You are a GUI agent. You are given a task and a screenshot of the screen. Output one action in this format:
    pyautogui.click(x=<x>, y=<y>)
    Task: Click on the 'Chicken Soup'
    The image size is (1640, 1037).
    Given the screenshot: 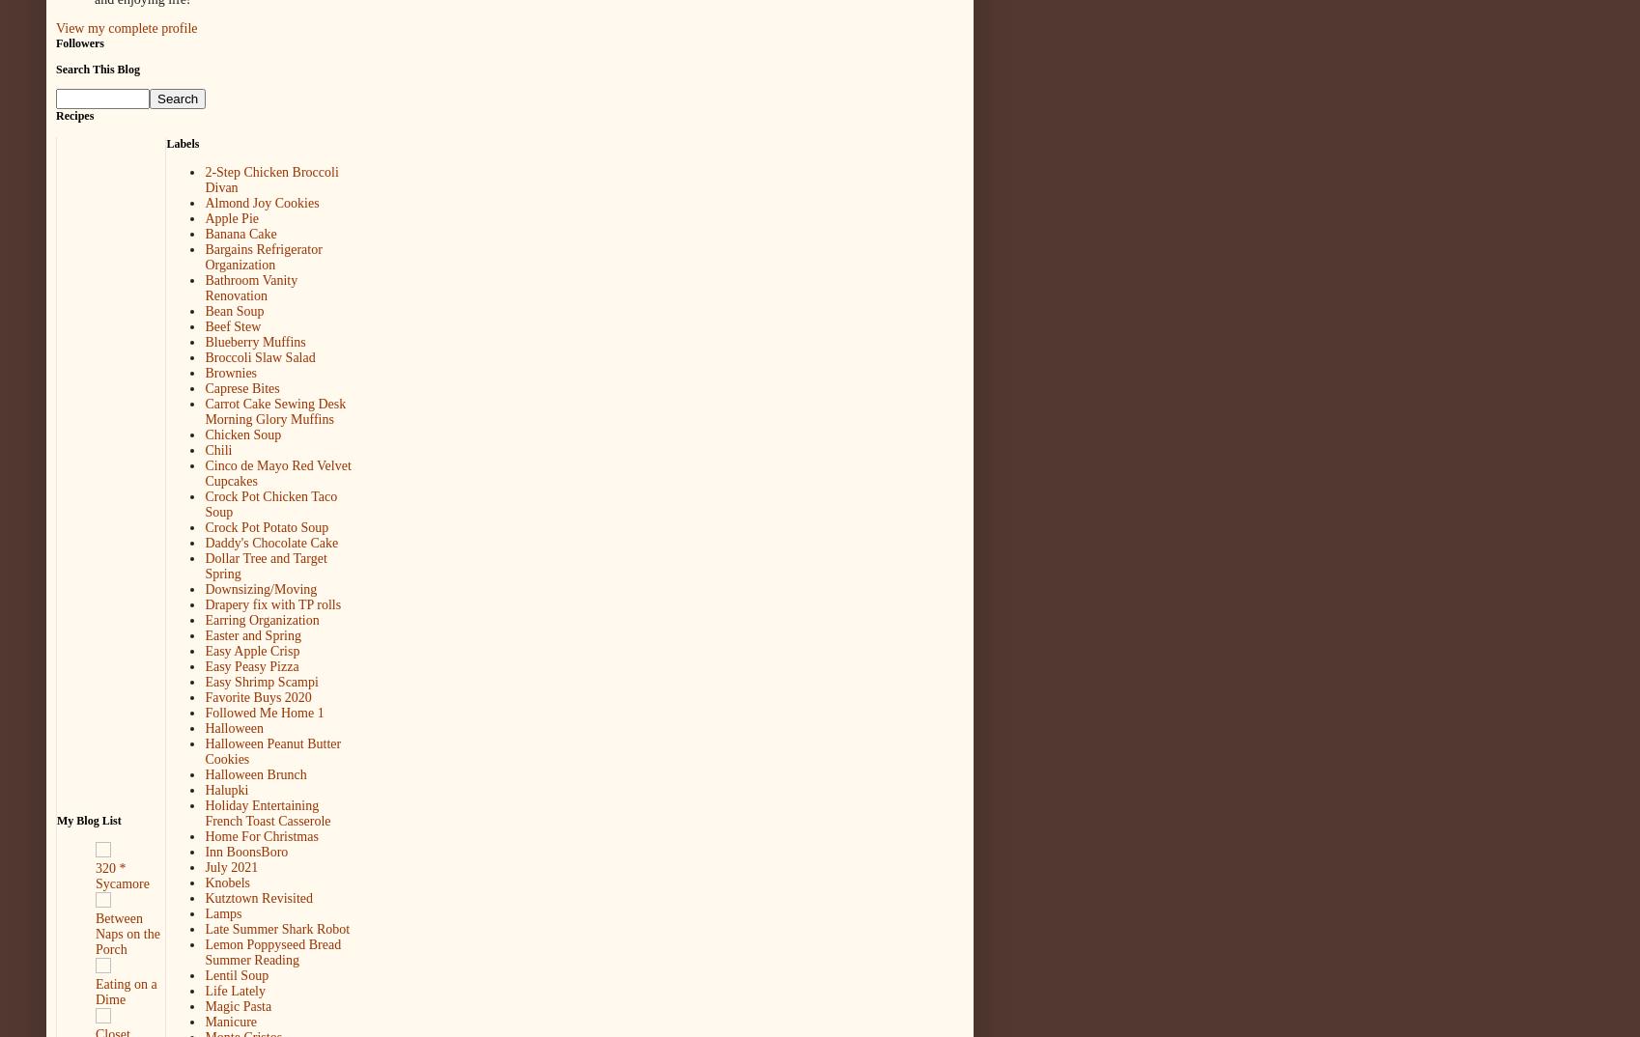 What is the action you would take?
    pyautogui.click(x=205, y=434)
    